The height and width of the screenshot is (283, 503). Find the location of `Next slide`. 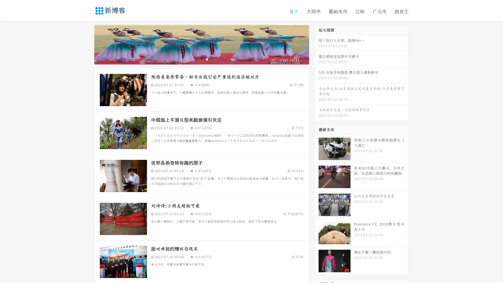

Next slide is located at coordinates (316, 44).